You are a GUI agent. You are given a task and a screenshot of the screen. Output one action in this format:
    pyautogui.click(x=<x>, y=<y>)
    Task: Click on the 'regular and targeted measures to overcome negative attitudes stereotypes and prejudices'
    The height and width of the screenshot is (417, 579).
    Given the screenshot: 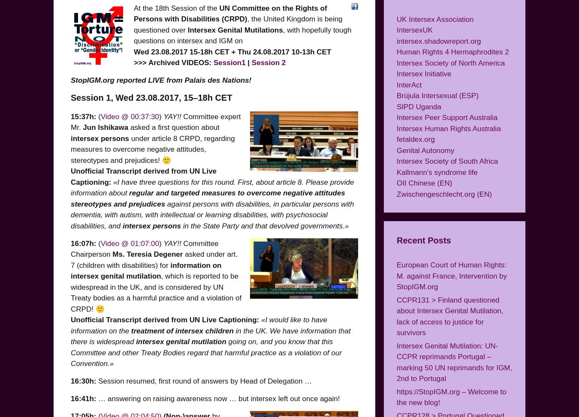 What is the action you would take?
    pyautogui.click(x=207, y=198)
    